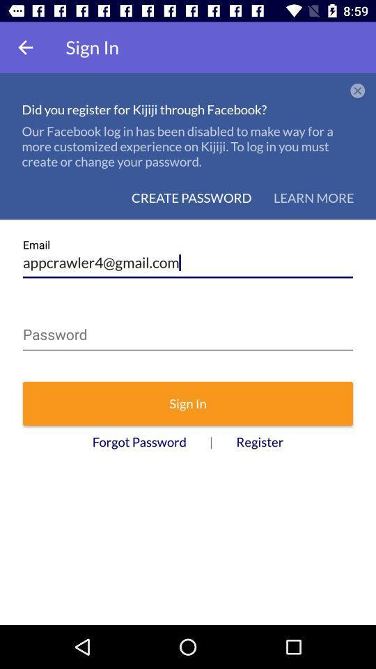 The height and width of the screenshot is (669, 376). What do you see at coordinates (357, 91) in the screenshot?
I see `the close icon` at bounding box center [357, 91].